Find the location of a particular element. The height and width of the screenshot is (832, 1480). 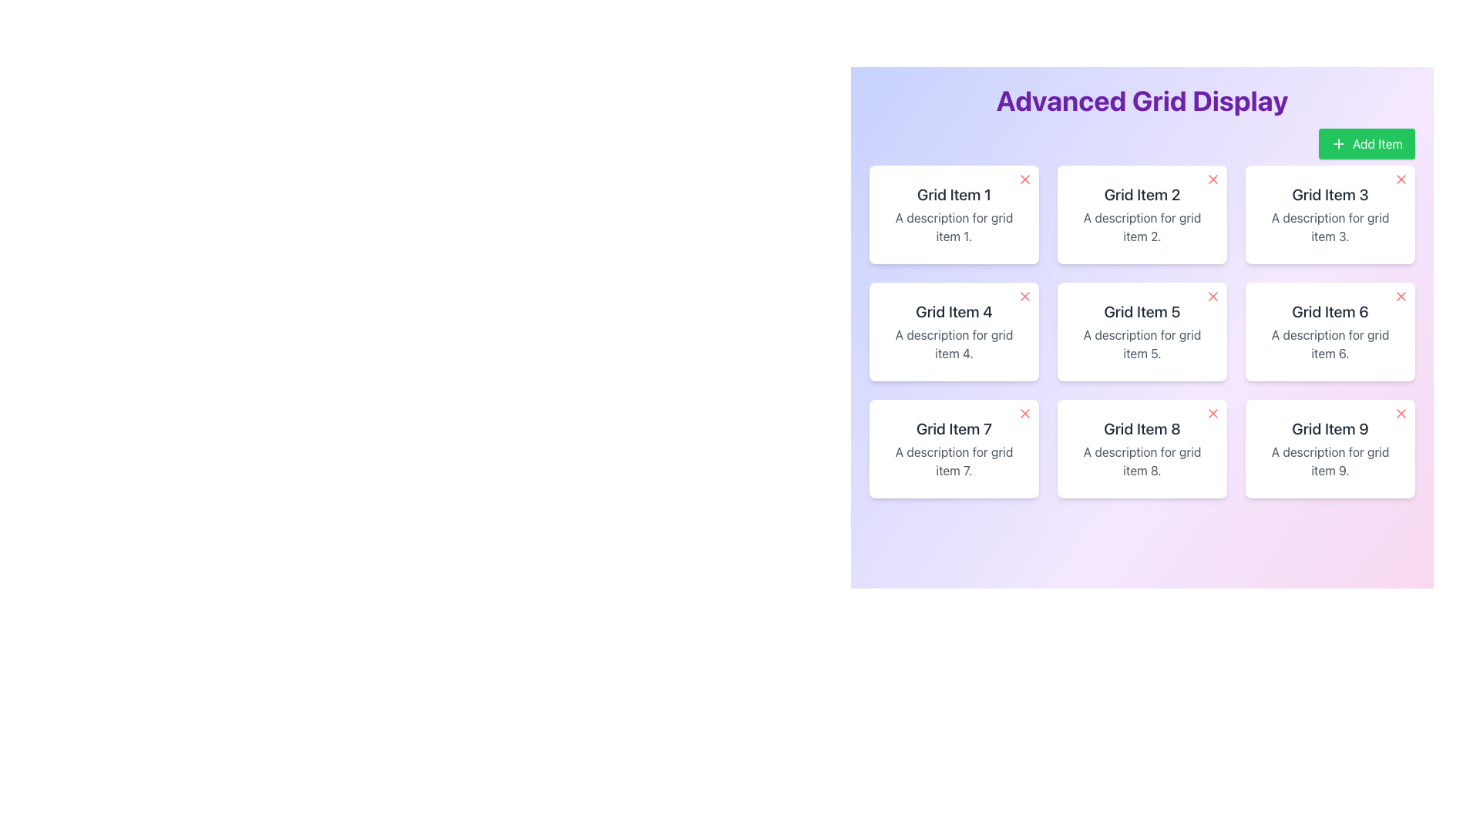

the cross icon representing a close action located within the close button area of 'Grid Item 8' is located at coordinates (1213, 412).